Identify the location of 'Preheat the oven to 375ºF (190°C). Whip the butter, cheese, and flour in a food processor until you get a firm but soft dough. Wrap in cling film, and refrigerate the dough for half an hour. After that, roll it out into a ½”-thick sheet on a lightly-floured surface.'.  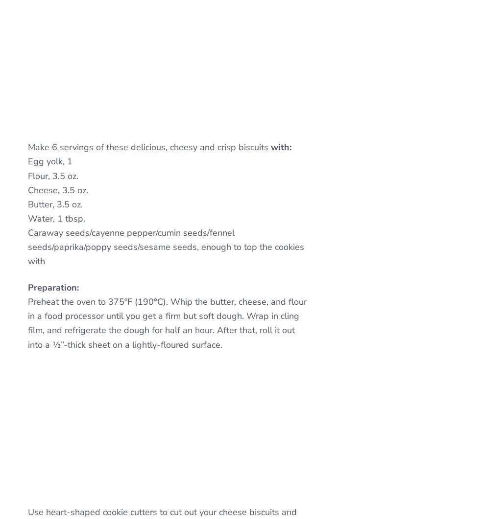
(167, 322).